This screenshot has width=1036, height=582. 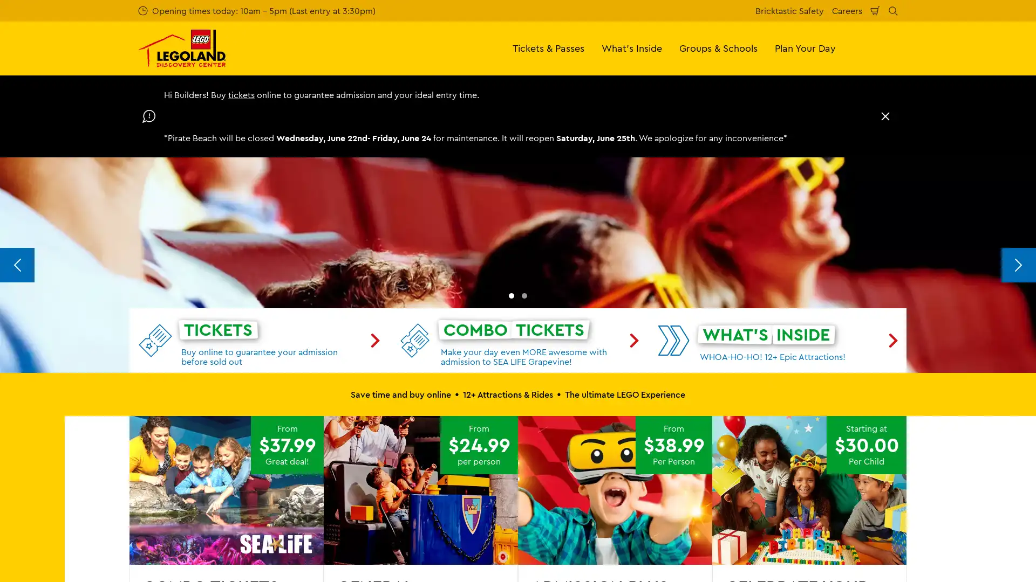 I want to click on Go to slide 1, so click(x=511, y=499).